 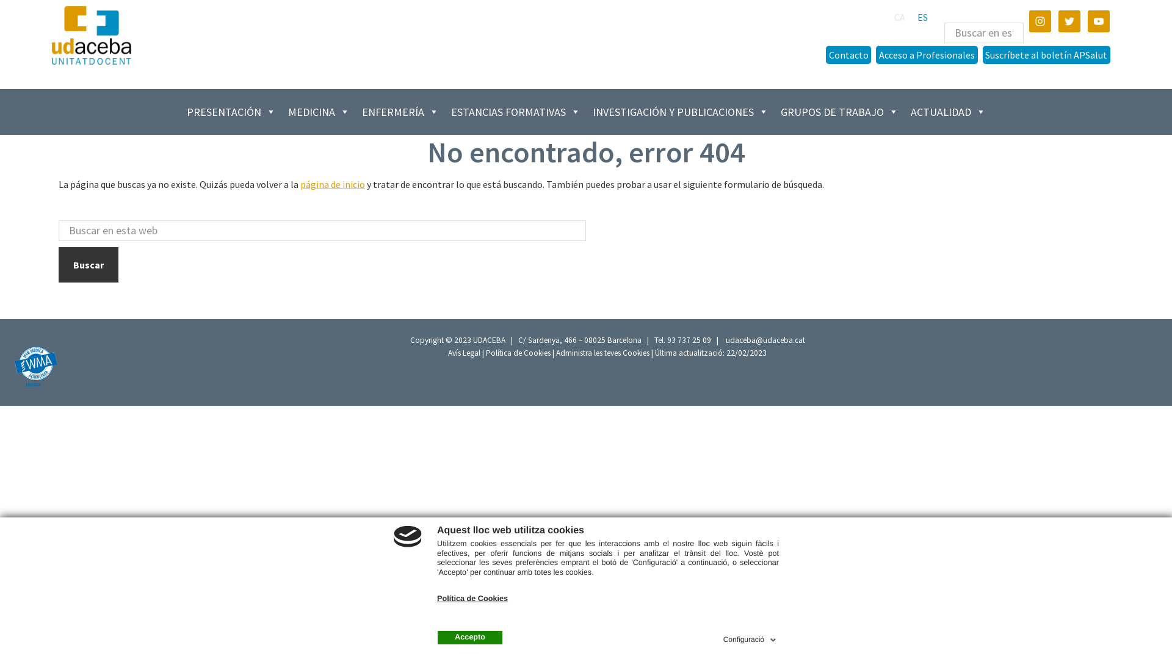 I want to click on 'Administra les teves Cookies', so click(x=602, y=353).